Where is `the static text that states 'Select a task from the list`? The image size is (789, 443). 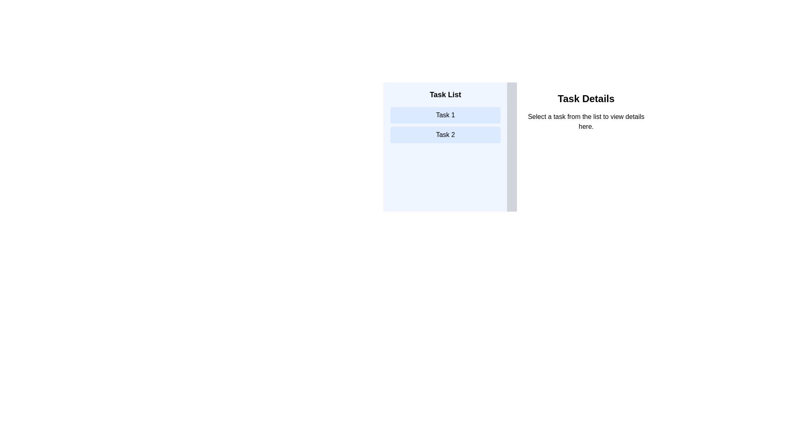
the static text that states 'Select a task from the list is located at coordinates (586, 122).